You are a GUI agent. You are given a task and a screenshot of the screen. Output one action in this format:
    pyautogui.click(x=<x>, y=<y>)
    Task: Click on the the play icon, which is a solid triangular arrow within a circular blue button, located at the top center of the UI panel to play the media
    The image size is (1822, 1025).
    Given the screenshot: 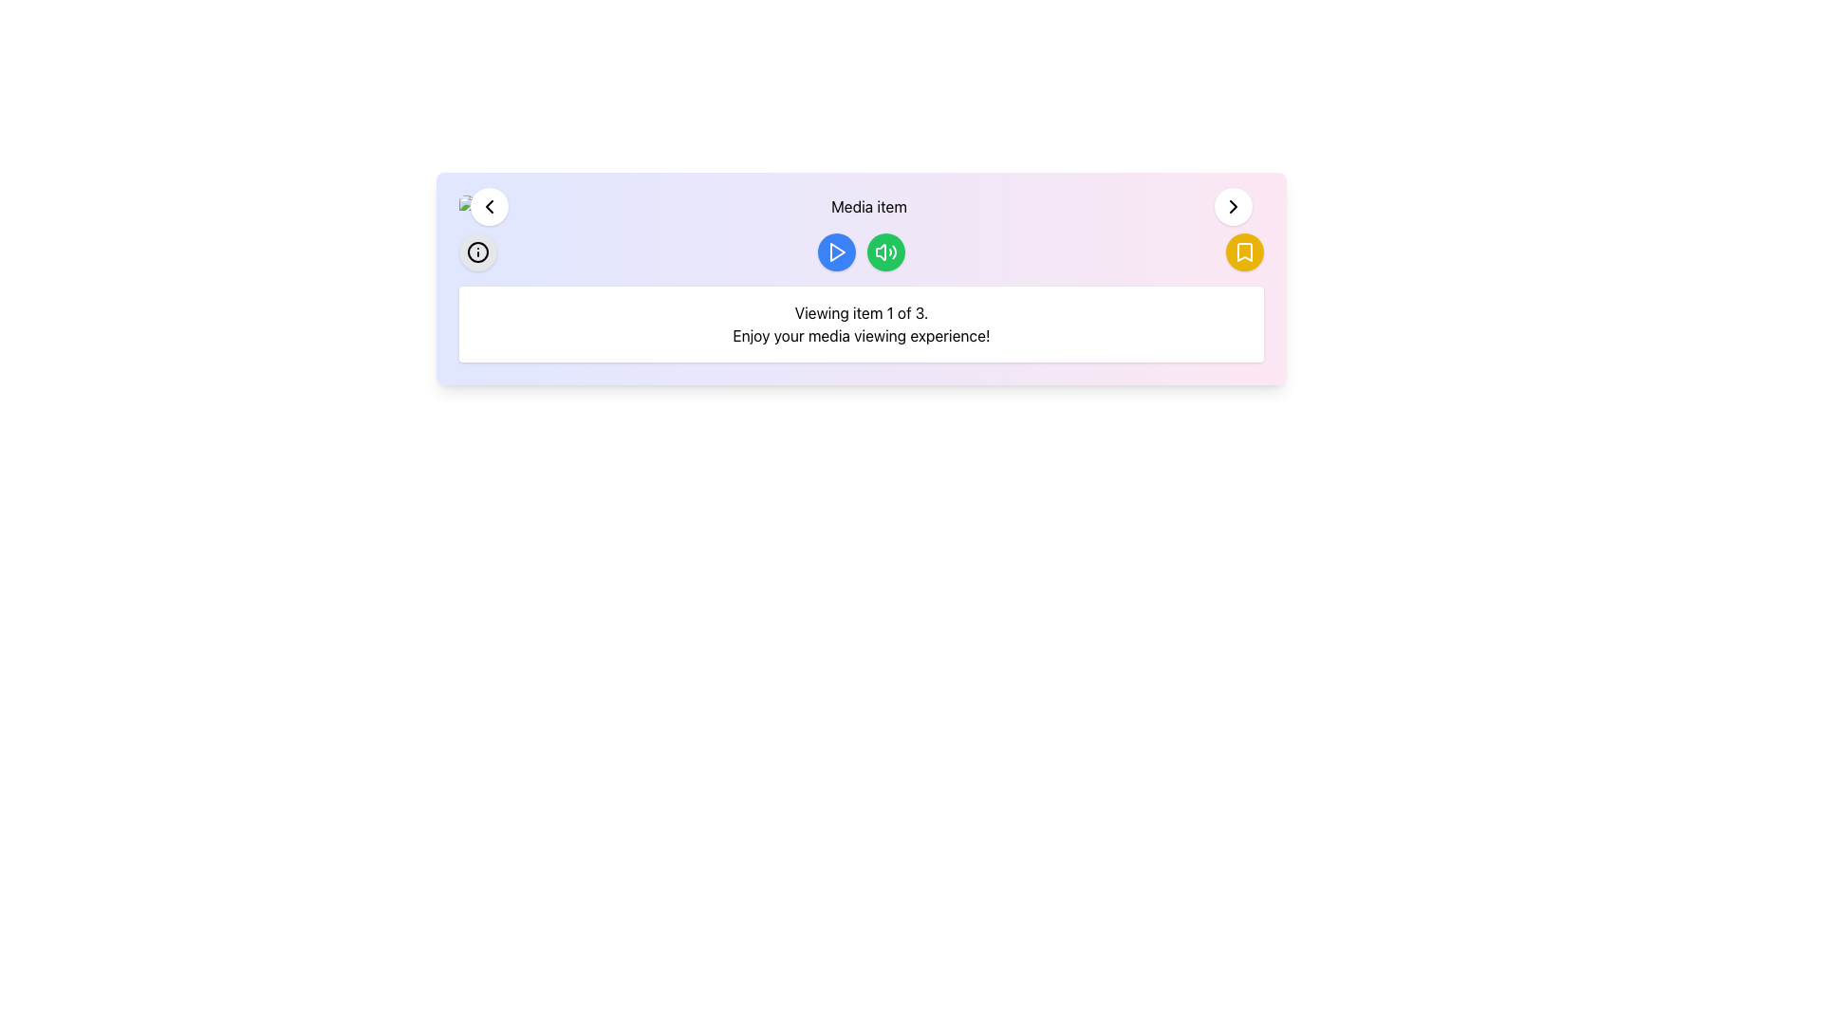 What is the action you would take?
    pyautogui.click(x=837, y=252)
    